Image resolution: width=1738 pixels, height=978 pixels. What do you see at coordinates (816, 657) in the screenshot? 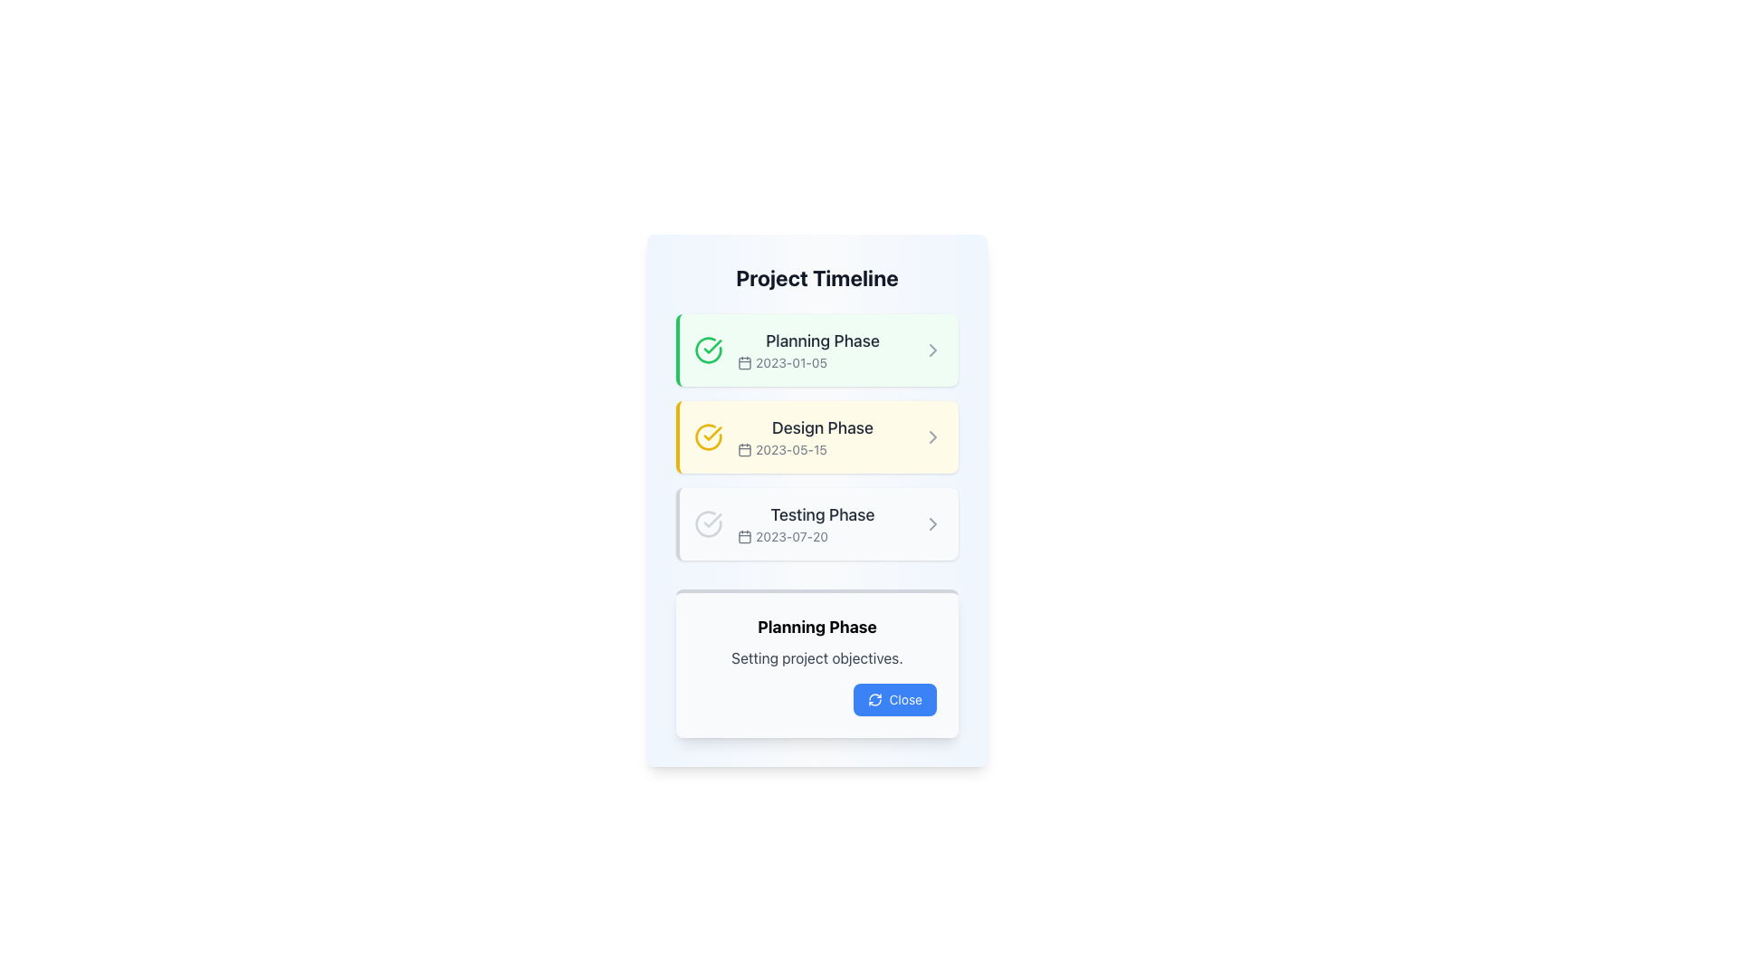
I see `the text label that displays descriptive details about the planning phase in the project timeline, located under the 'Planning Phase' heading` at bounding box center [816, 657].